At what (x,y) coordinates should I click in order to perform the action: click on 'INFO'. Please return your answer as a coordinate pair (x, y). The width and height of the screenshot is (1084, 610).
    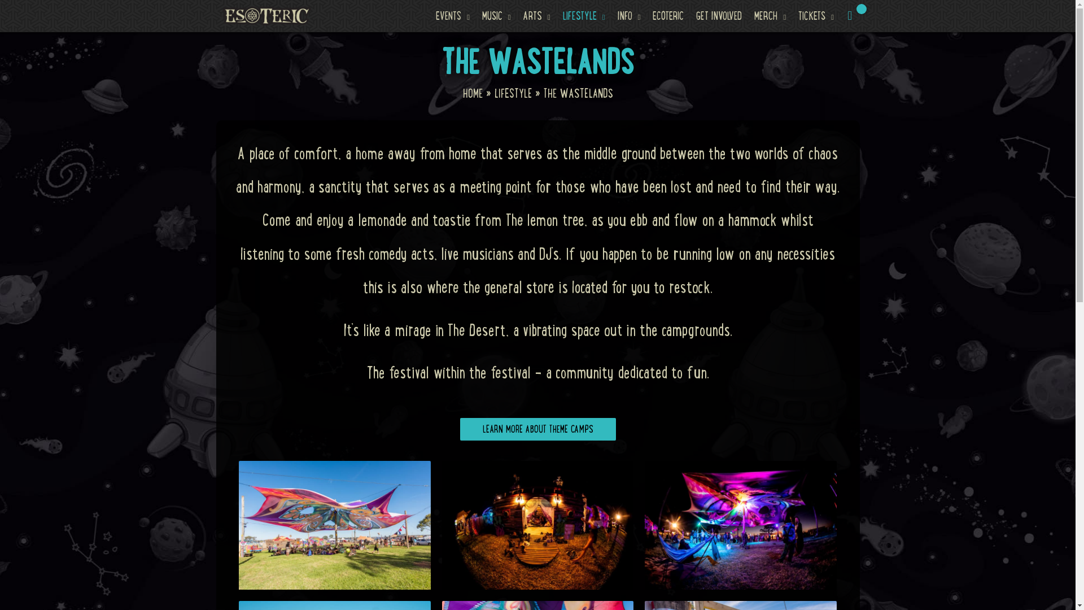
    Looking at the image, I should click on (628, 15).